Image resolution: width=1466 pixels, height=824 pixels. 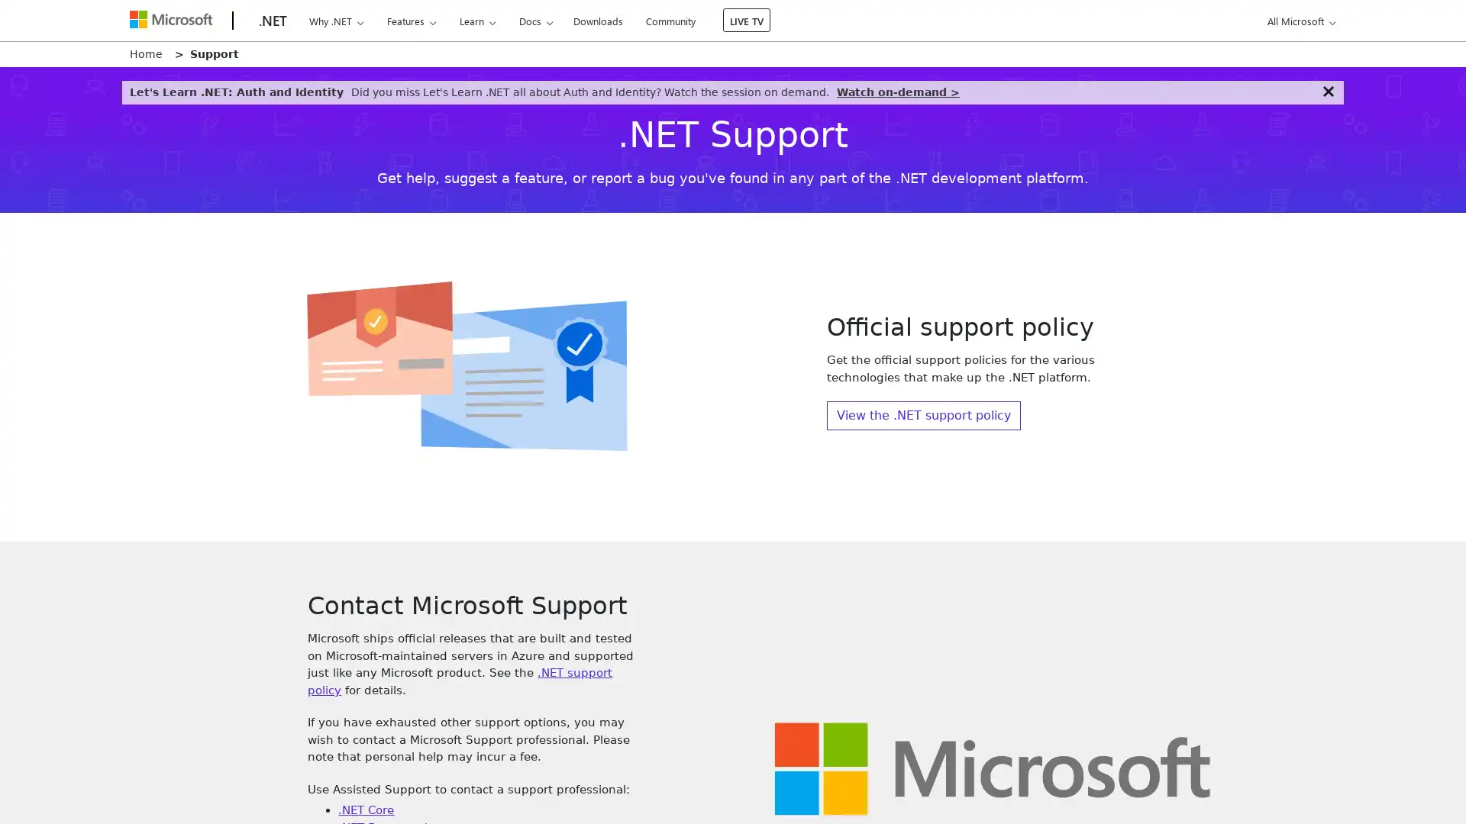 I want to click on All Microsoft expand to see list of Microsoft products and services, so click(x=1298, y=21).